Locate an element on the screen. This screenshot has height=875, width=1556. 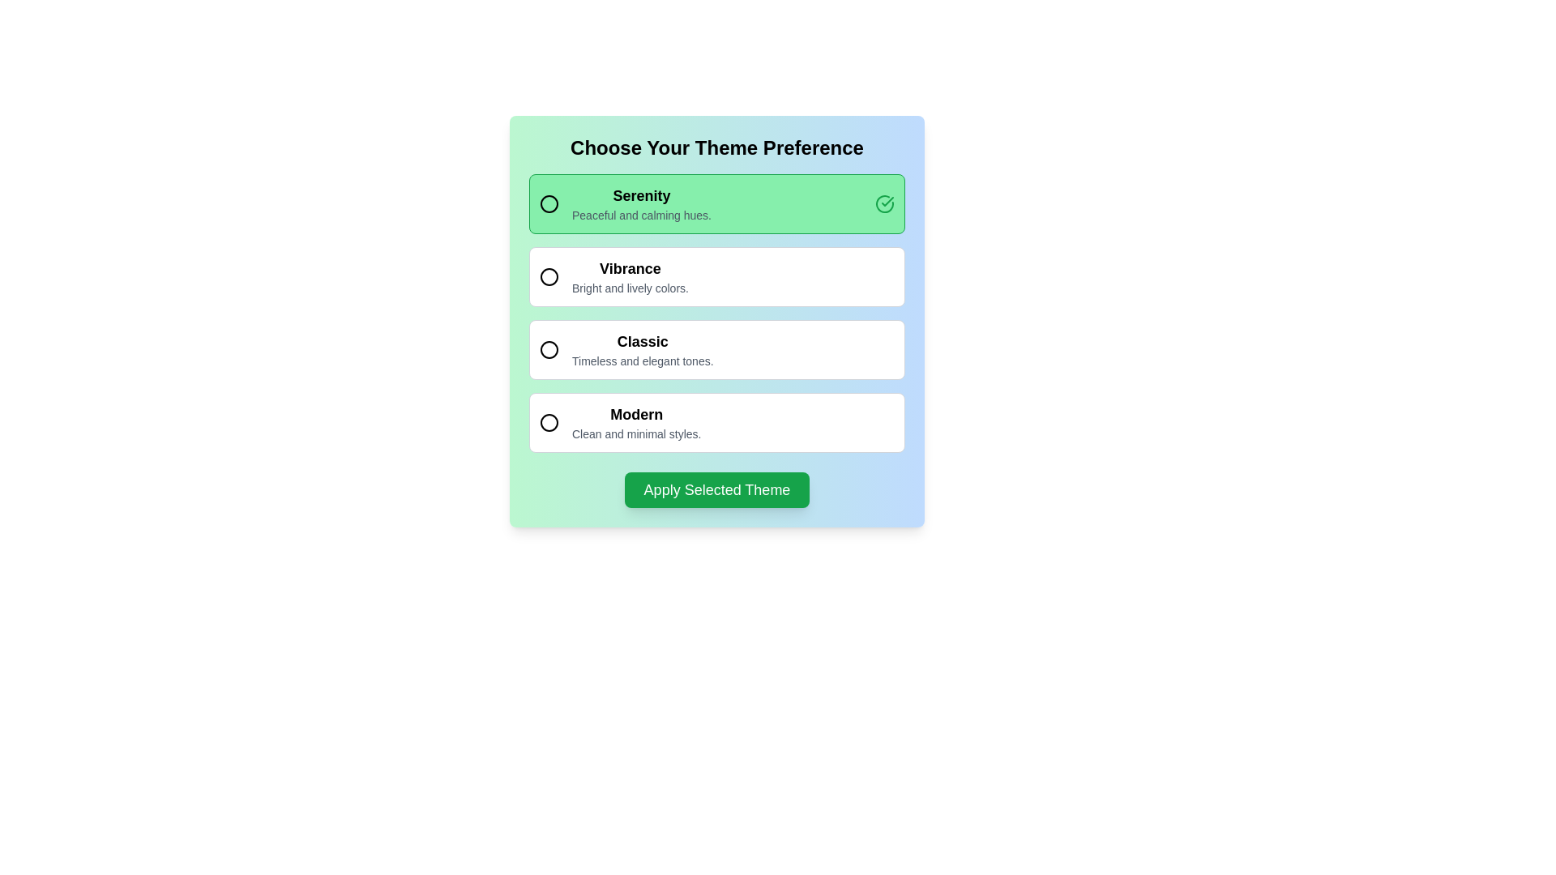
the 'Classic' selectable card is located at coordinates (716, 322).